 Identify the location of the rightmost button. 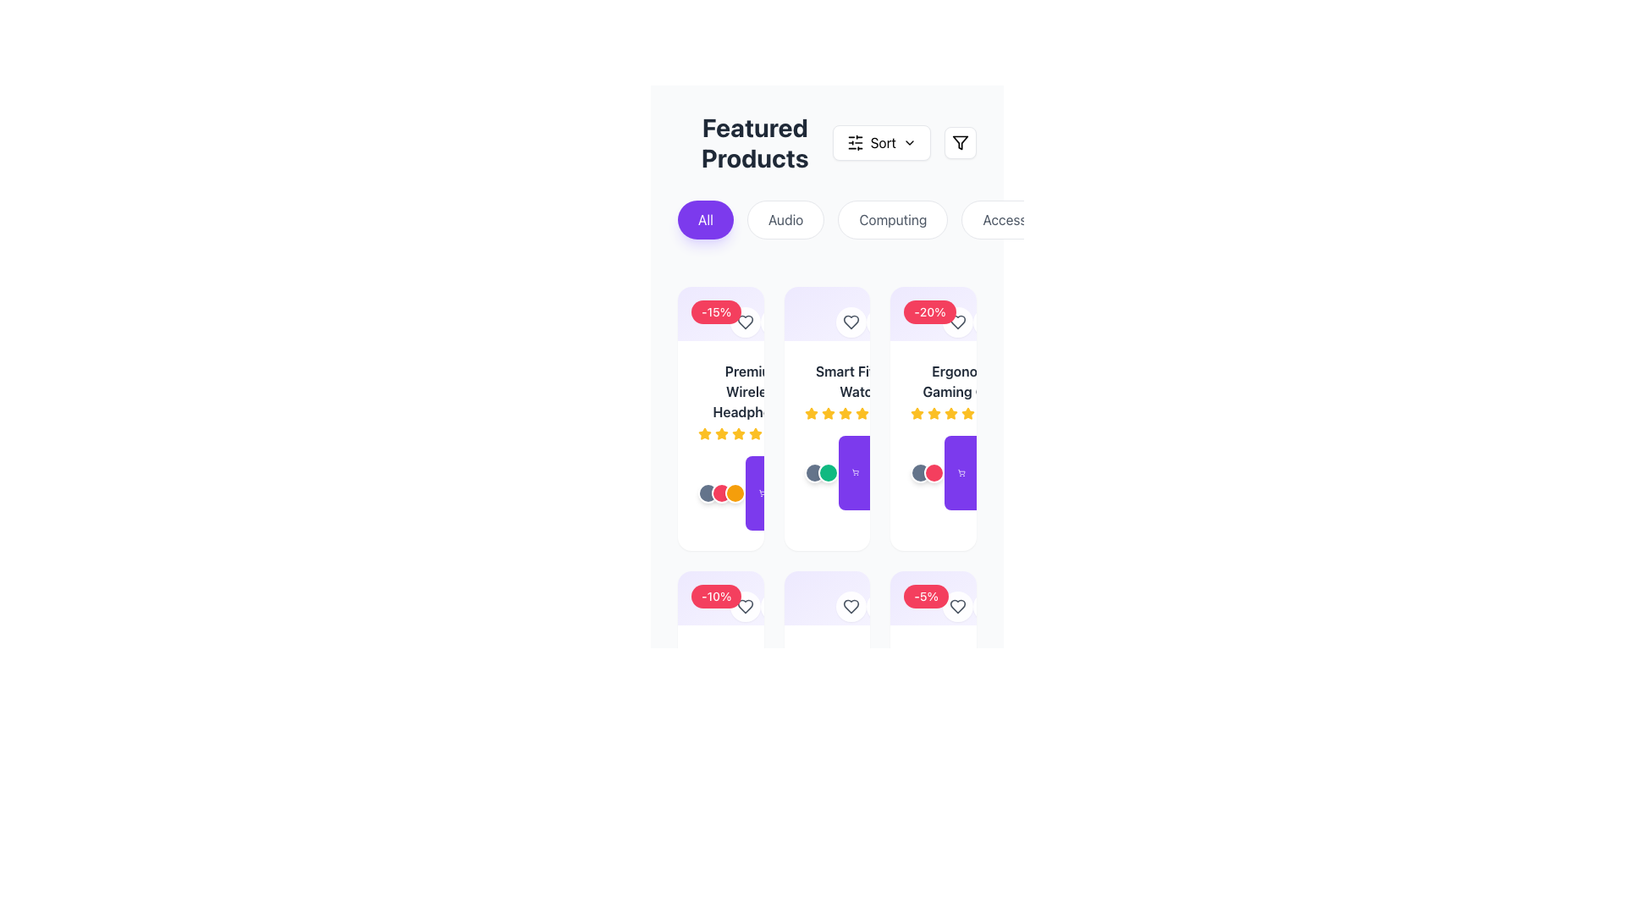
(960, 142).